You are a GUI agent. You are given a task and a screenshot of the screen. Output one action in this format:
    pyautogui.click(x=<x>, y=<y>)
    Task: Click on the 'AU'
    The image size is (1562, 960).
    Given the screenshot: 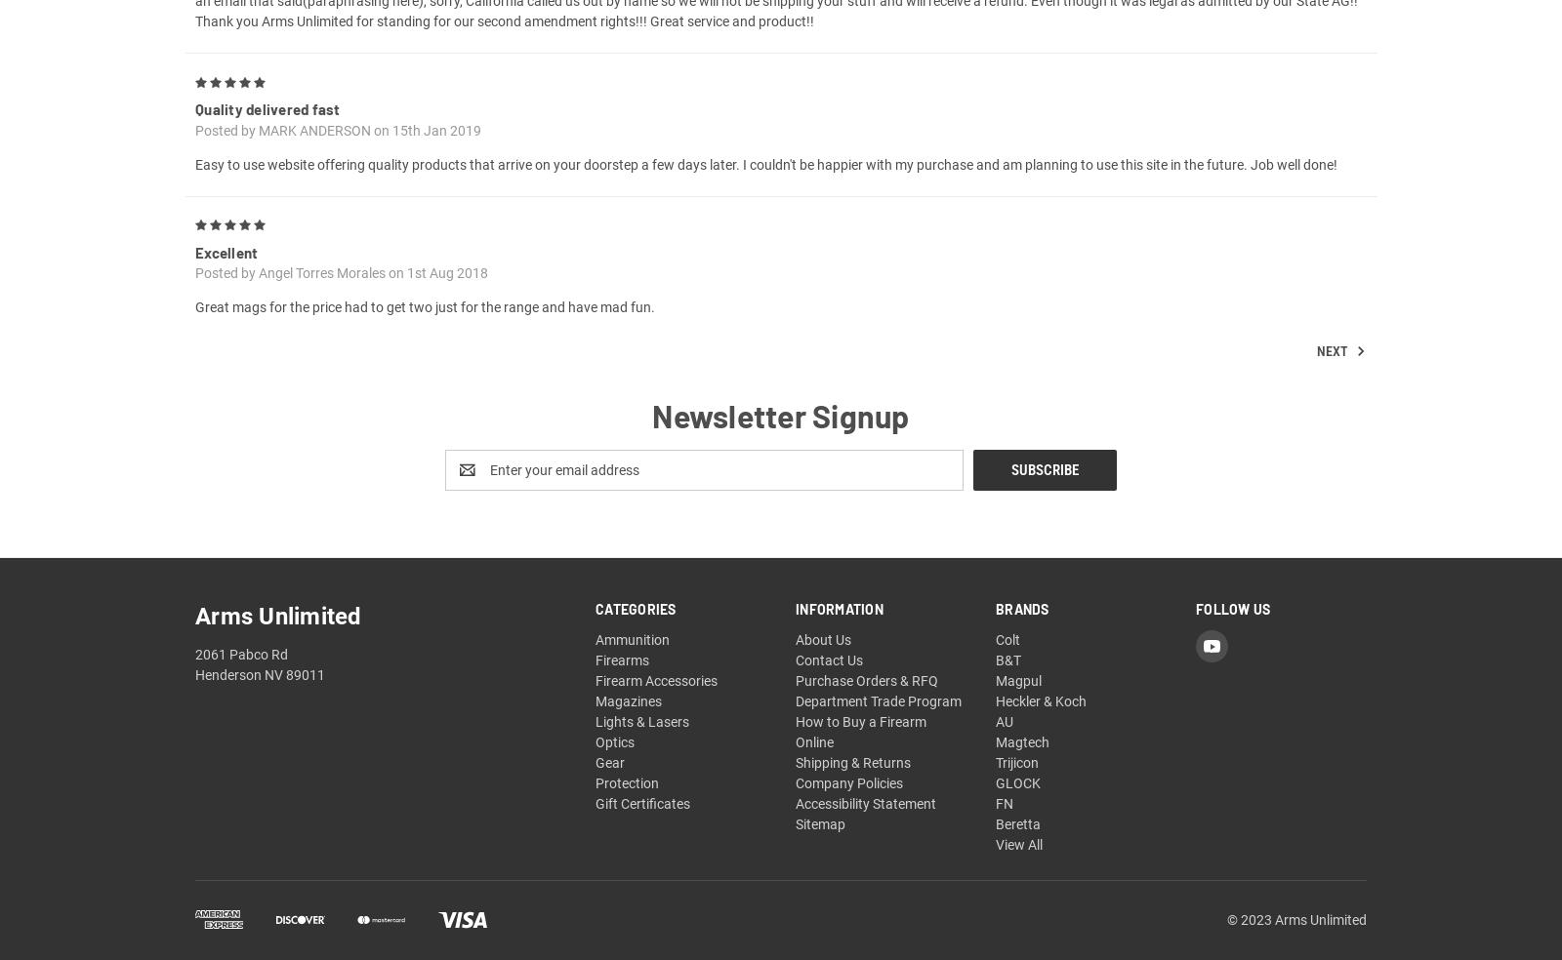 What is the action you would take?
    pyautogui.click(x=1004, y=742)
    